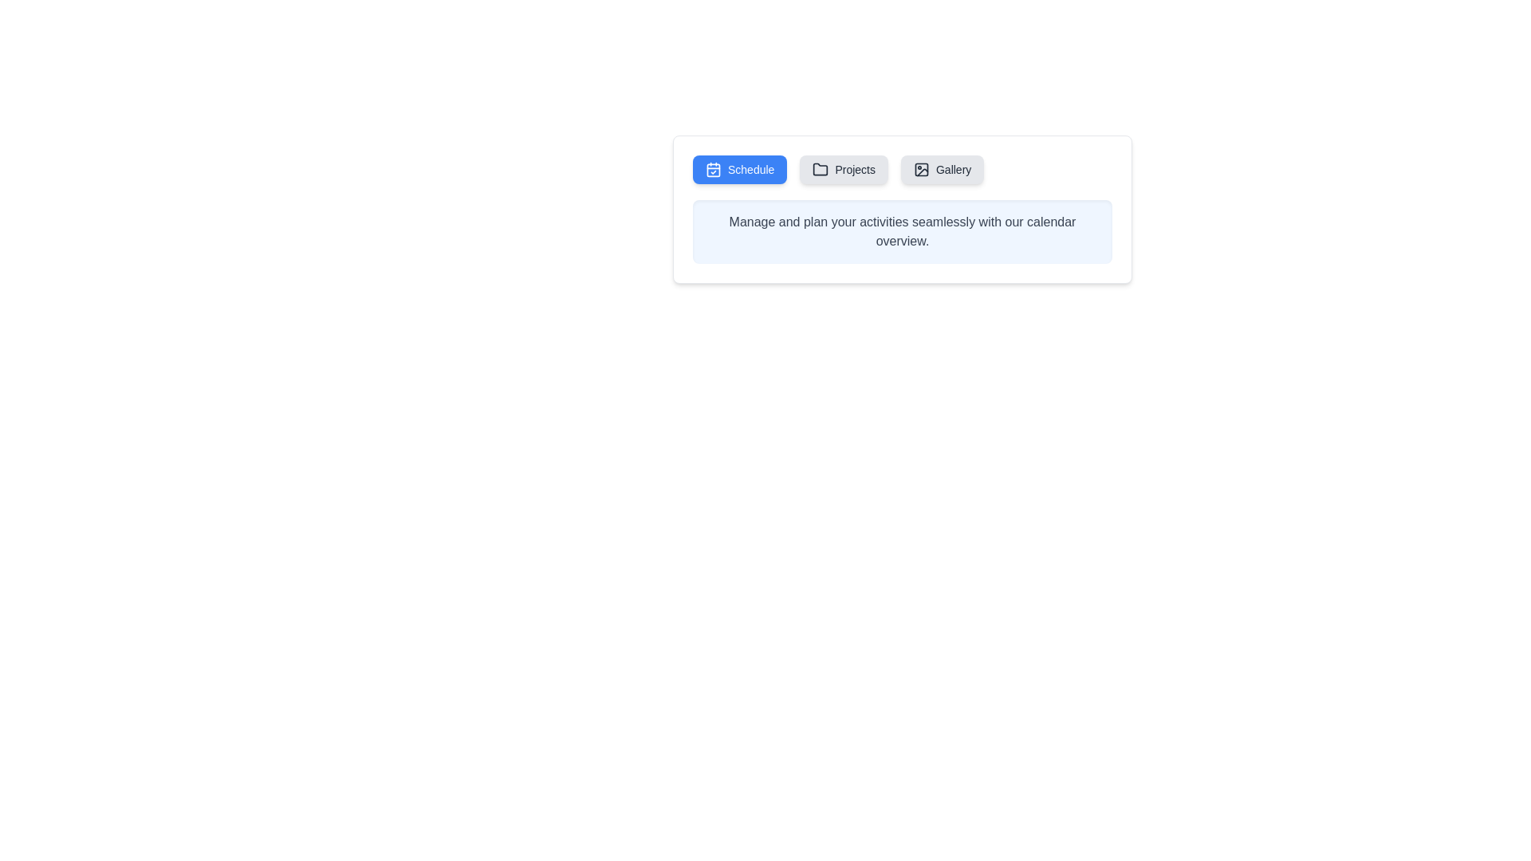 This screenshot has height=861, width=1531. I want to click on the Schedule tab to observe its hover effect, so click(738, 169).